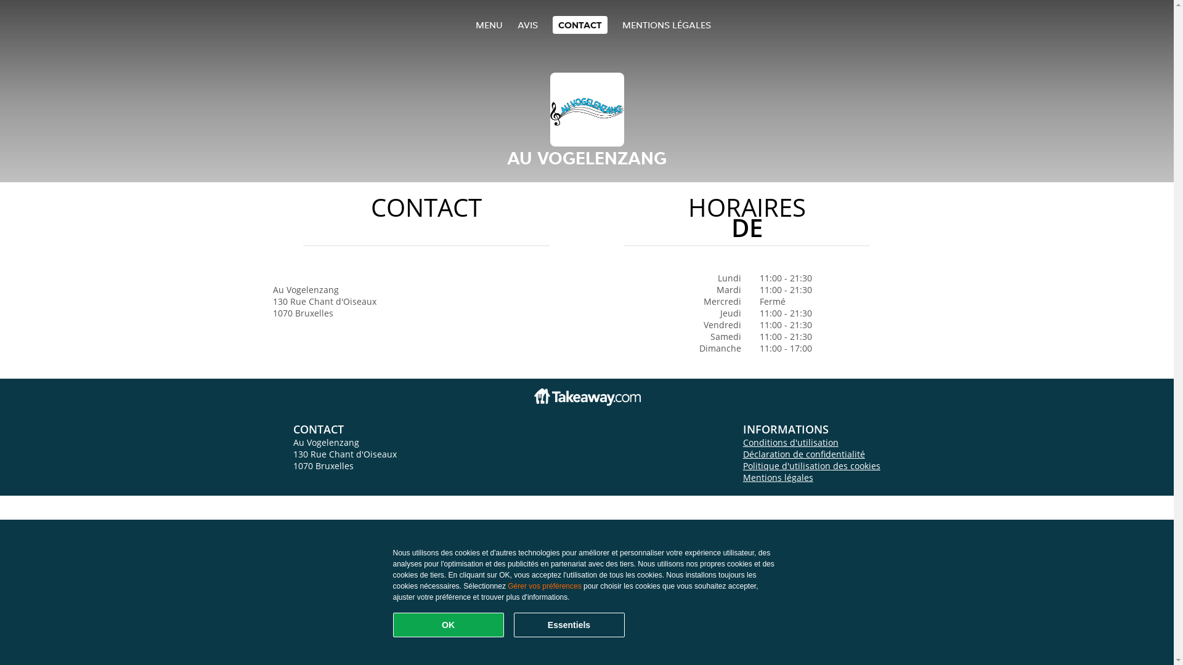 This screenshot has height=665, width=1183. What do you see at coordinates (568, 624) in the screenshot?
I see `'Essentiels'` at bounding box center [568, 624].